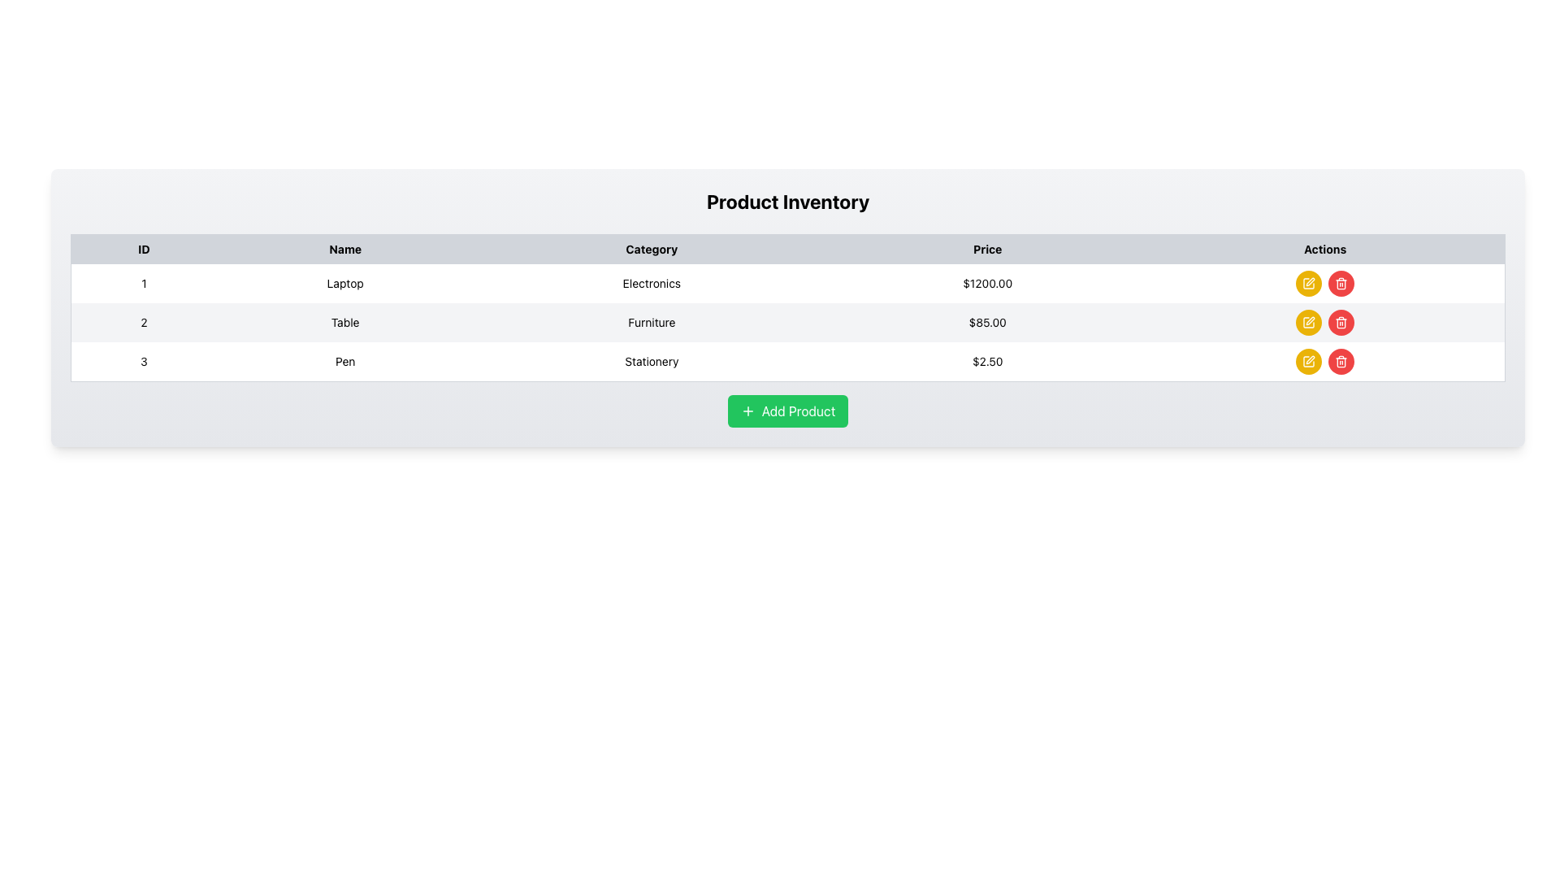 The height and width of the screenshot is (878, 1560). Describe the element at coordinates (747, 410) in the screenshot. I see `the decorative icon located to the left of the 'Add Product' text within the button, positioned centrally below the product inventory table` at that location.